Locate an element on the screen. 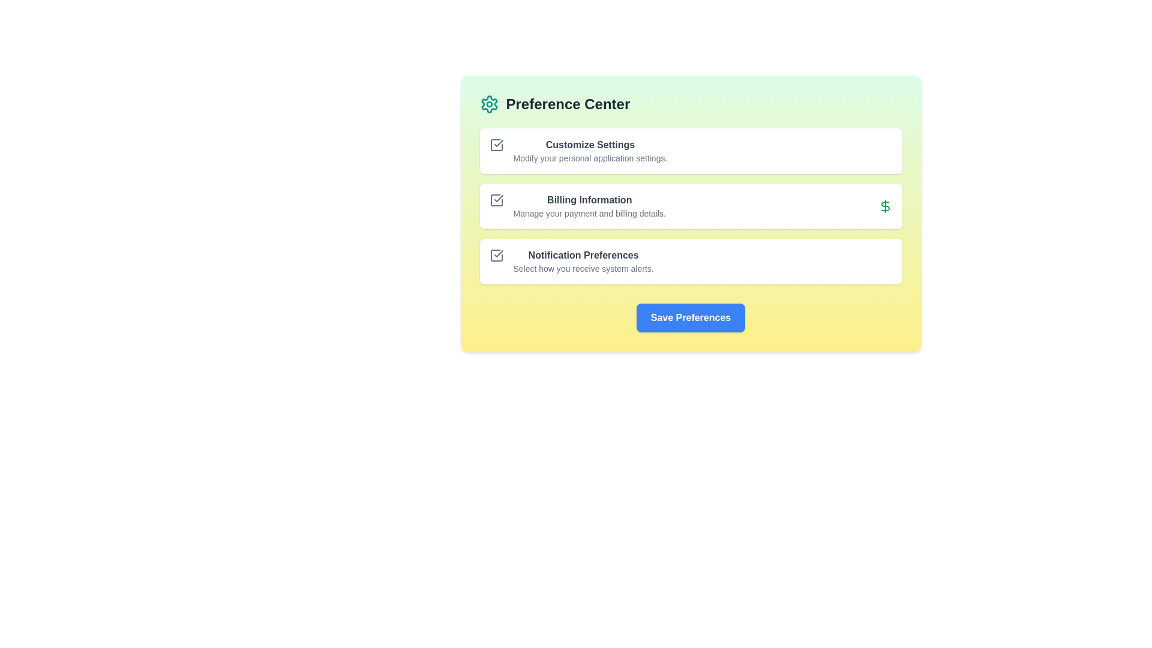 The width and height of the screenshot is (1152, 648). the text element stating 'Manage your payment and billing details.' which is located beneath the 'Billing Information' heading in the Preference Center is located at coordinates (589, 212).